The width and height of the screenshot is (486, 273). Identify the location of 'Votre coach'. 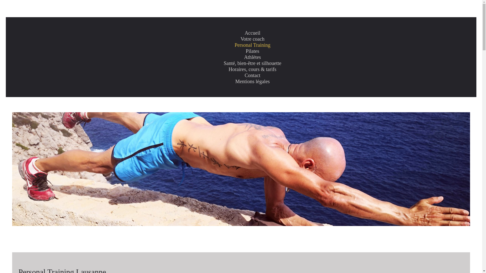
(252, 39).